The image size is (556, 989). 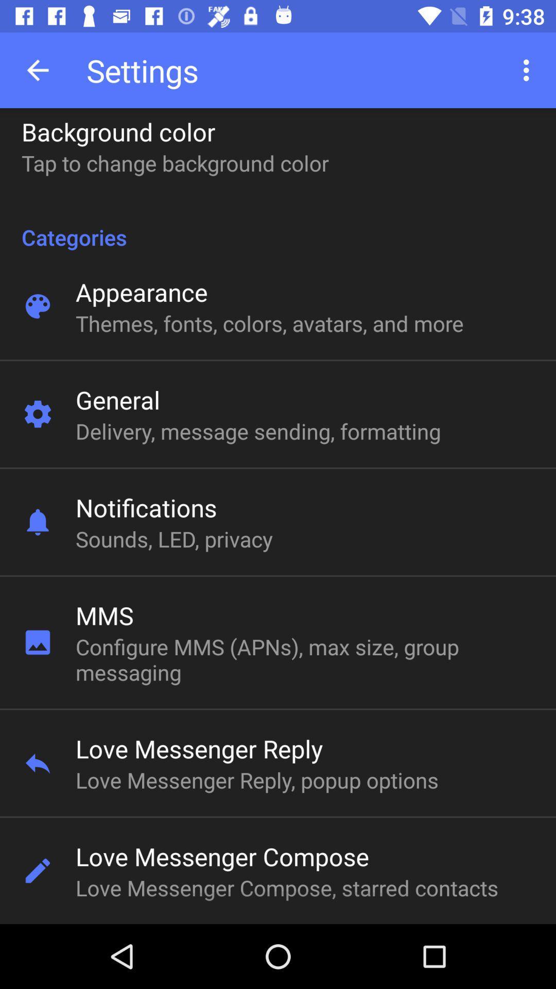 What do you see at coordinates (278, 226) in the screenshot?
I see `icon above the appearance item` at bounding box center [278, 226].